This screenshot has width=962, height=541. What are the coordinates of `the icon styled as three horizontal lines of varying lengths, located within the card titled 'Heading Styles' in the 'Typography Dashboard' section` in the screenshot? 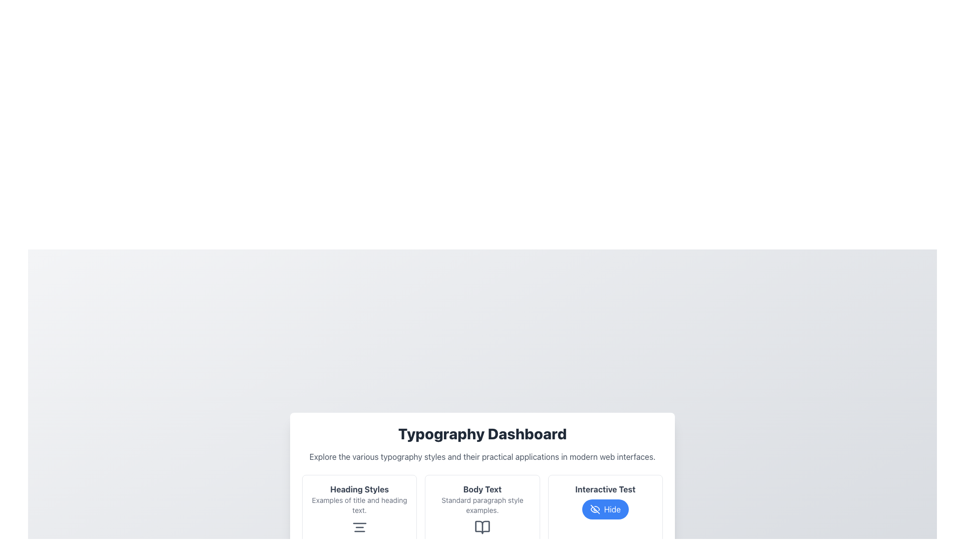 It's located at (359, 527).